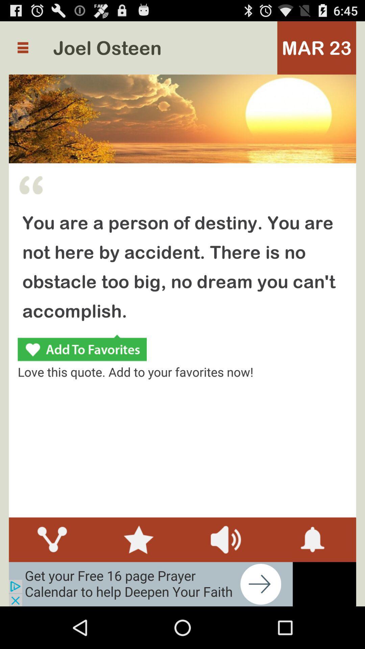 Image resolution: width=365 pixels, height=649 pixels. Describe the element at coordinates (22, 47) in the screenshot. I see `more` at that location.